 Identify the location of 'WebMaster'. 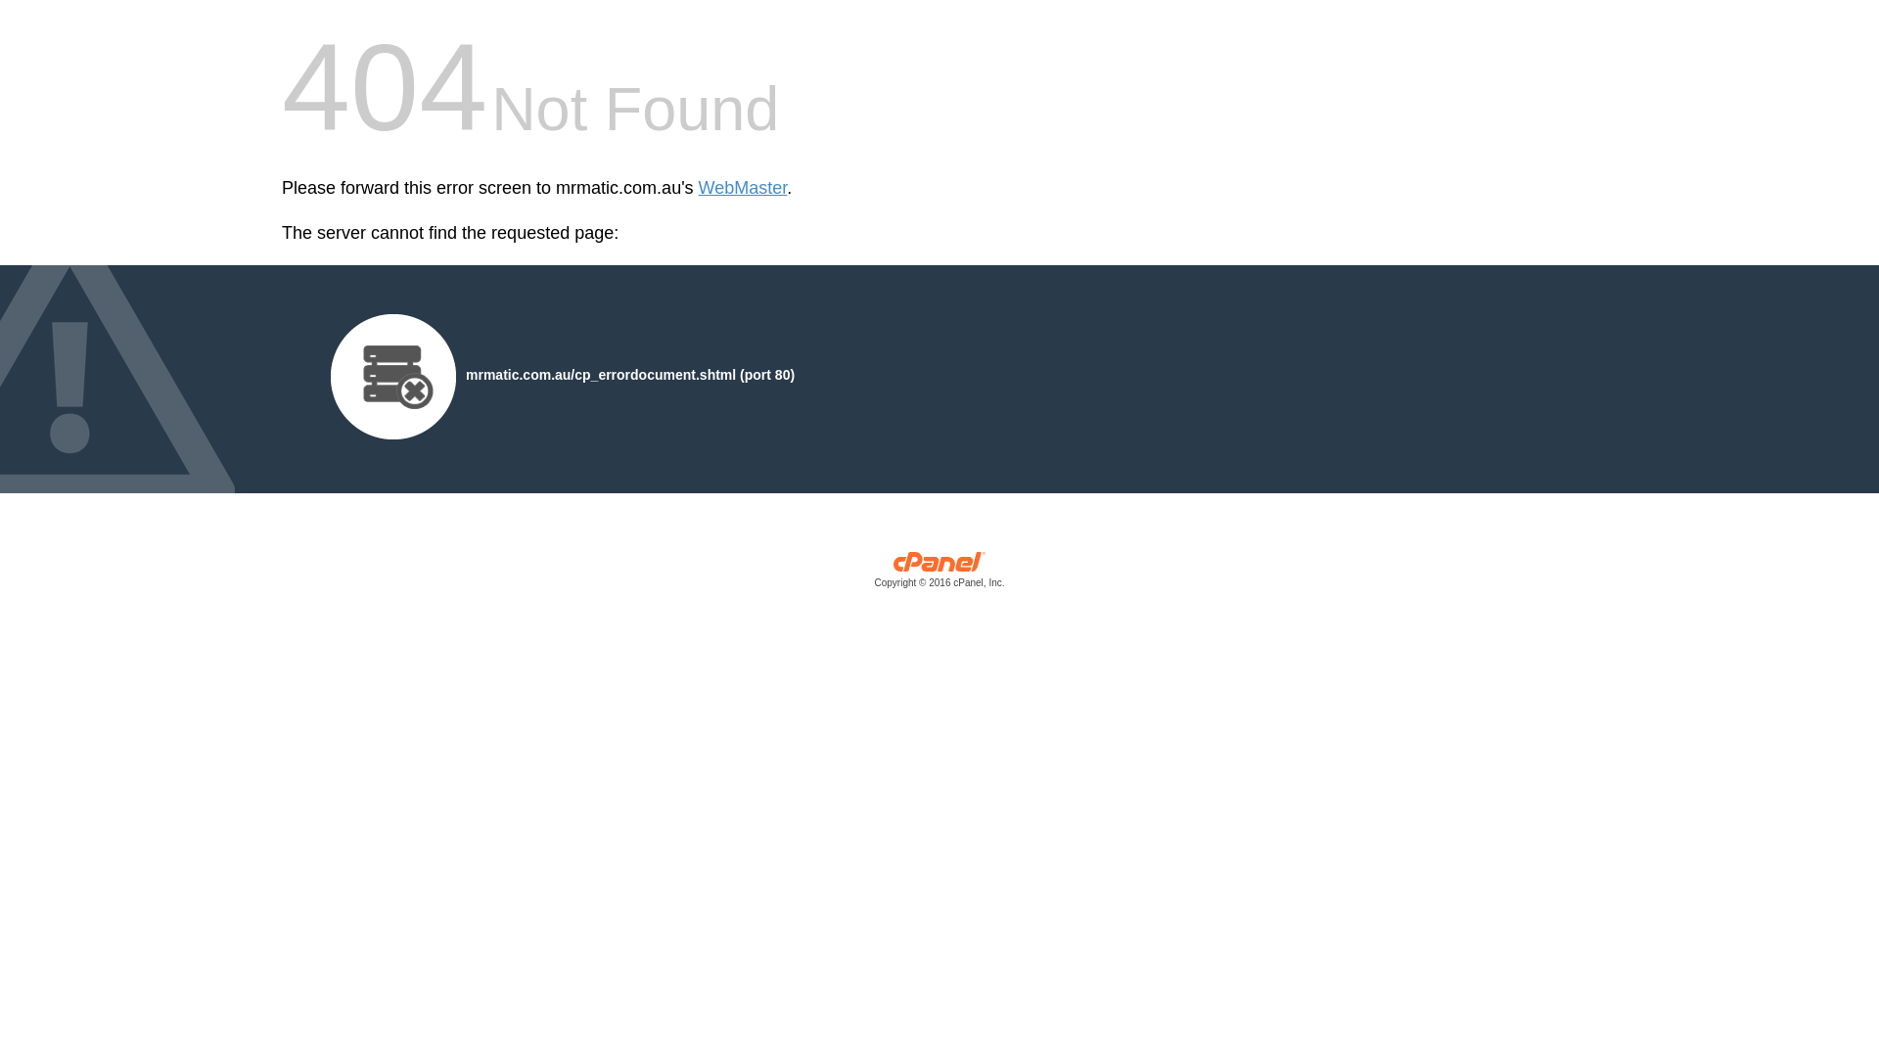
(742, 188).